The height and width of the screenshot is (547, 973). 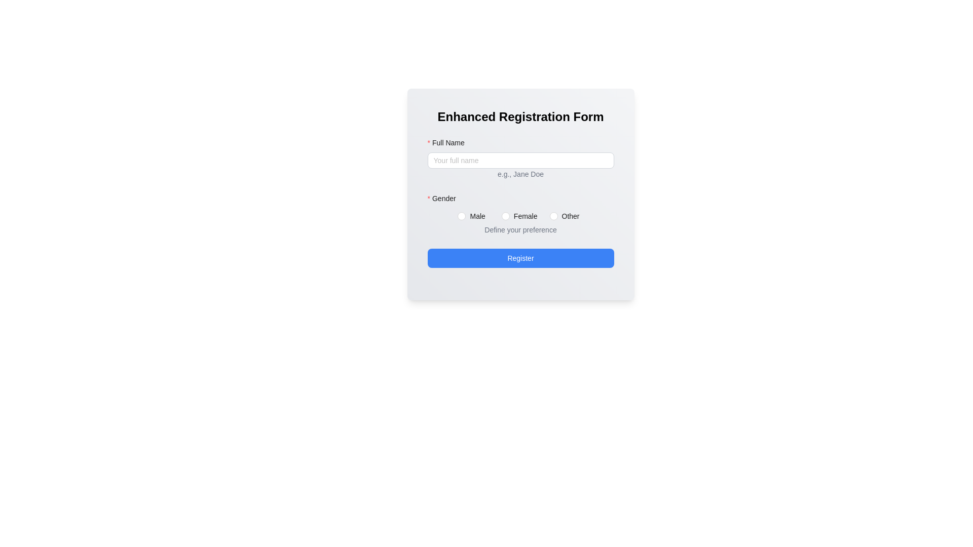 I want to click on the radio button group labeled 'Male', 'Female', and 'Other', so click(x=520, y=222).